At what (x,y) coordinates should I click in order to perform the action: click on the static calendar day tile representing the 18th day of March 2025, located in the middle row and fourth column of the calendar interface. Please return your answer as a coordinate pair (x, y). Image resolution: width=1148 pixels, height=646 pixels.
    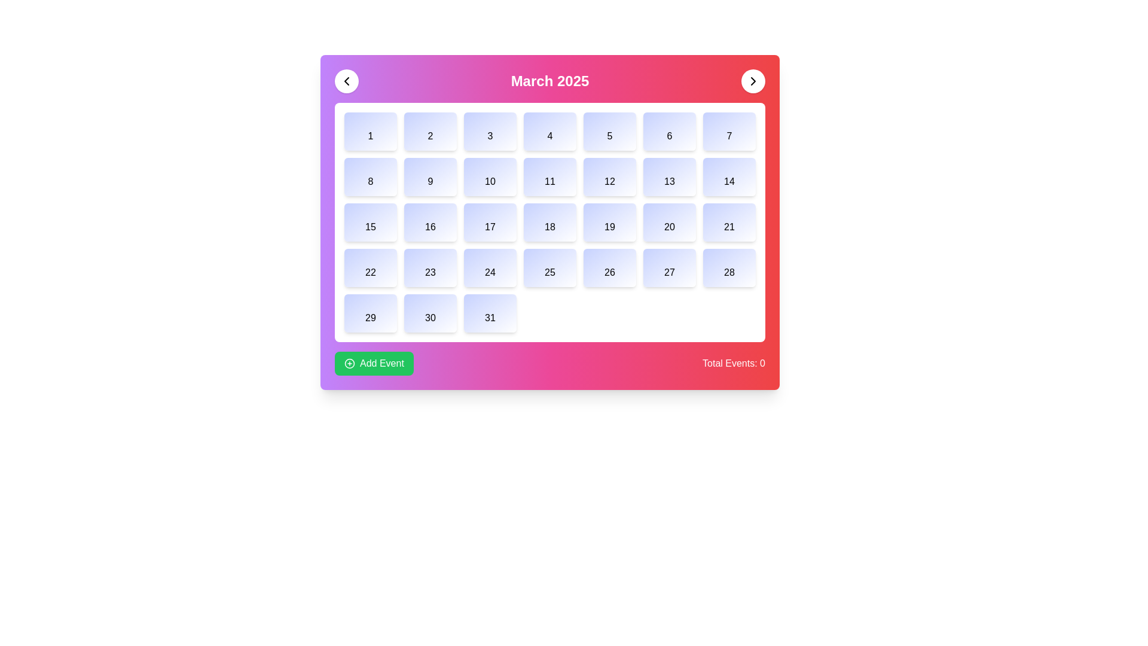
    Looking at the image, I should click on (549, 222).